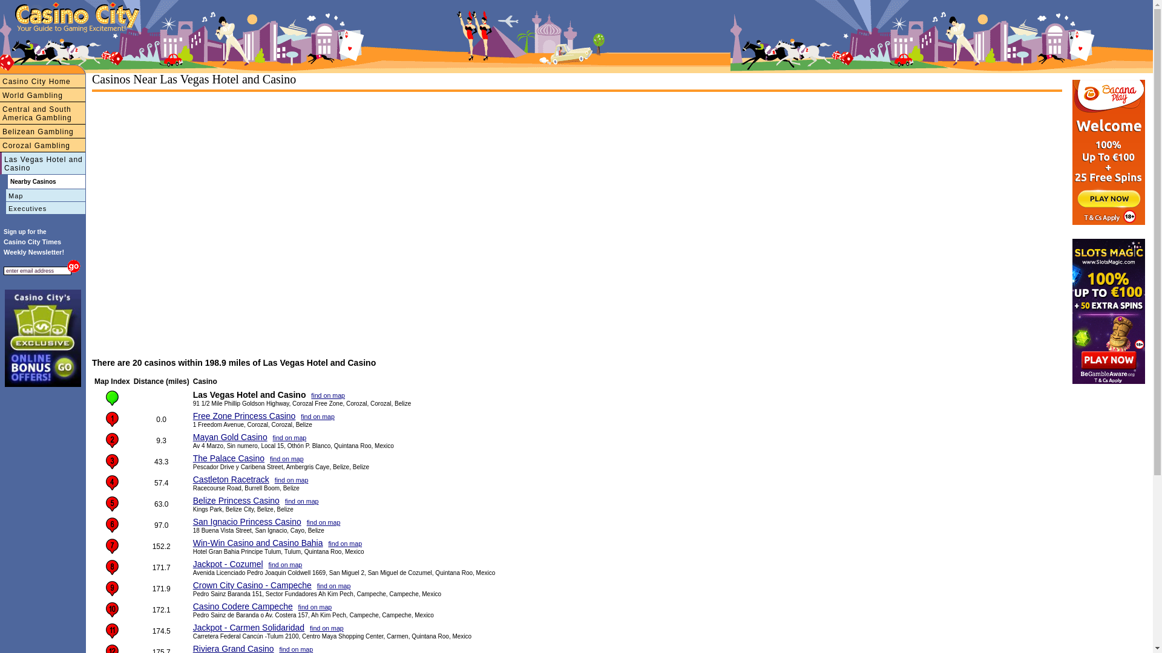  What do you see at coordinates (42, 163) in the screenshot?
I see `'Las Vegas Hotel and Casino'` at bounding box center [42, 163].